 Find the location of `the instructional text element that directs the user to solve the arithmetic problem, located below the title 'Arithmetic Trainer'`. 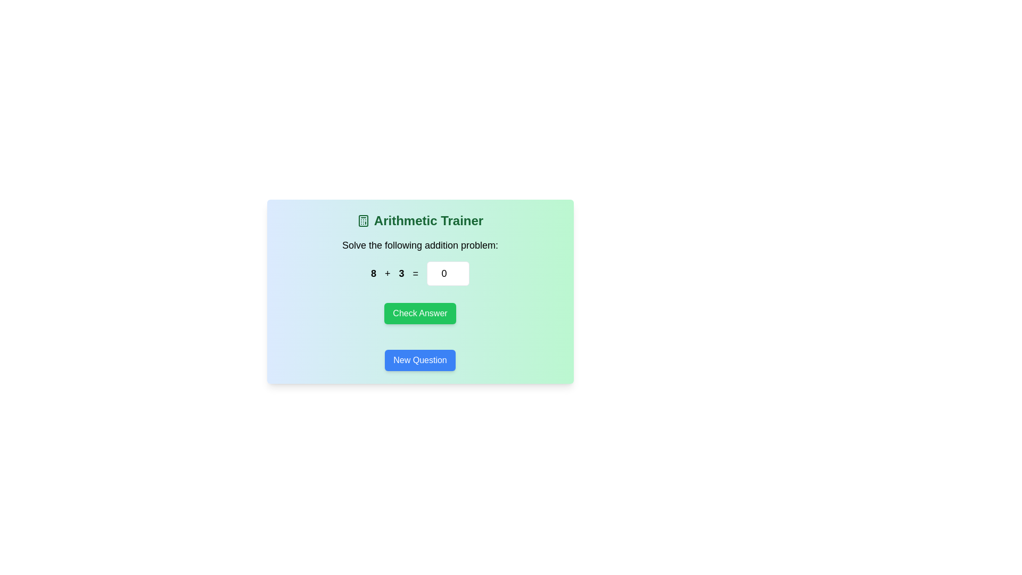

the instructional text element that directs the user to solve the arithmetic problem, located below the title 'Arithmetic Trainer' is located at coordinates (419, 245).